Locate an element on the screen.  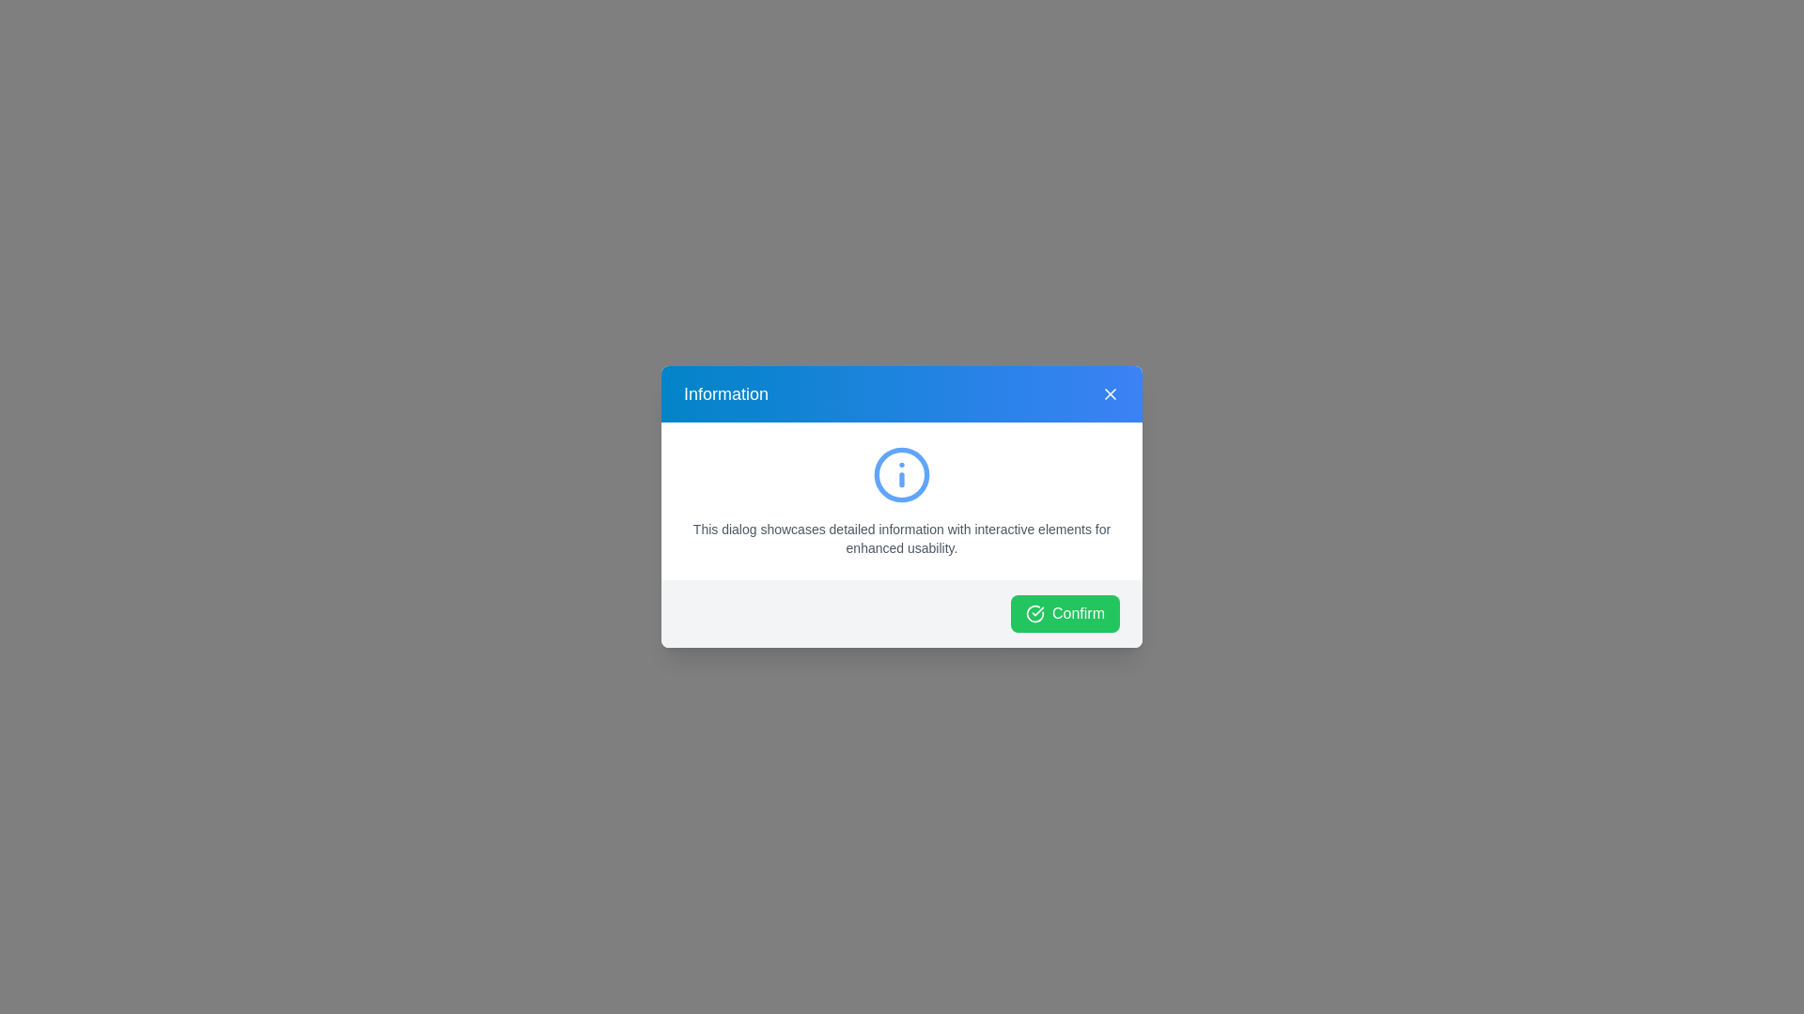
the circular green outlined icon with a checkmark, which is positioned to the left of the 'Confirm' button for tooltip or visual feedback is located at coordinates (1034, 614).